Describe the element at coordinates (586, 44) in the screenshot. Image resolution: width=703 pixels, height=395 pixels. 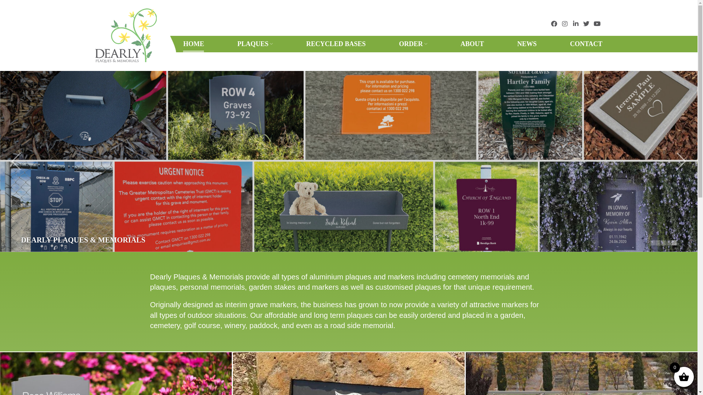
I see `'CONTACT'` at that location.